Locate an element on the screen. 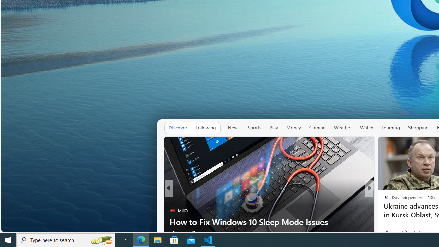 The height and width of the screenshot is (247, 439). 'View comments 141 Comment' is located at coordinates (421, 233).